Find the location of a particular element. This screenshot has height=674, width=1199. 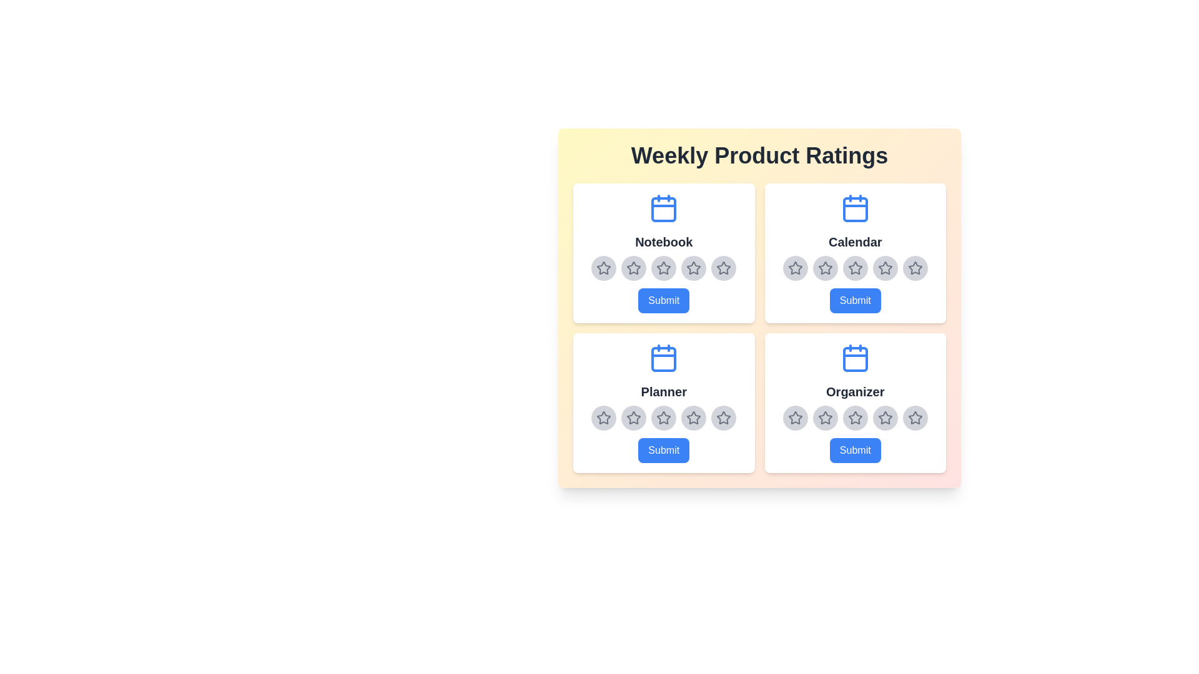

submit button for the product Planner is located at coordinates (663, 450).